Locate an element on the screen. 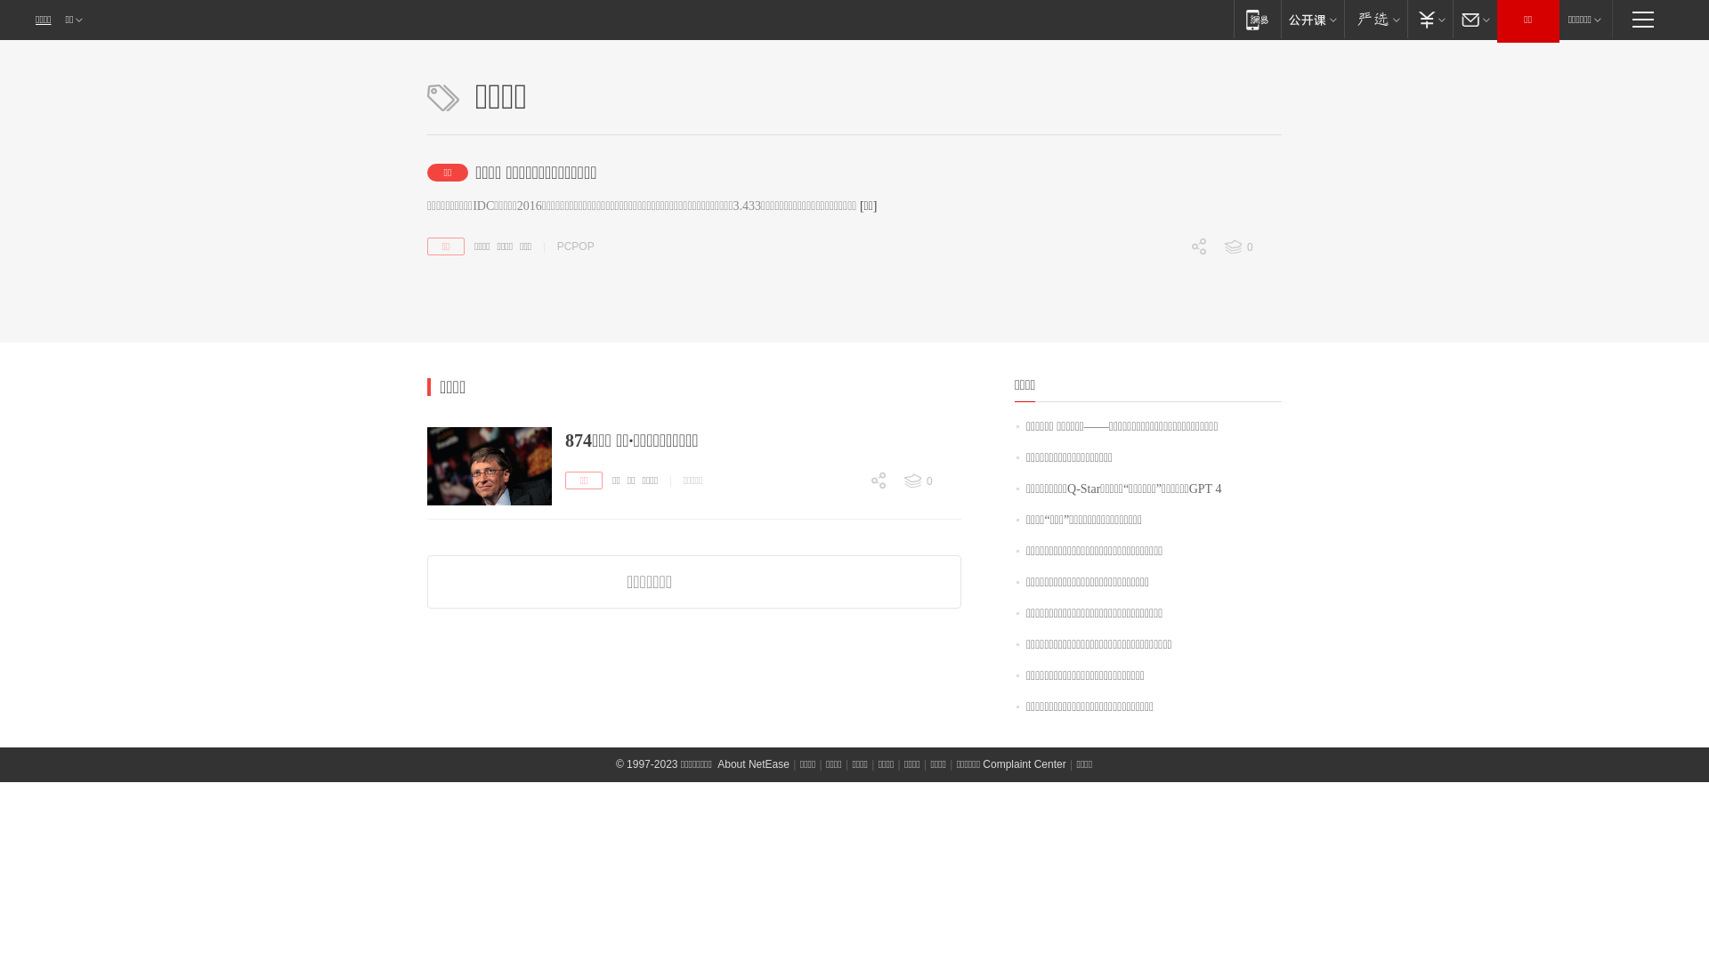  'About NetEase' is located at coordinates (753, 763).